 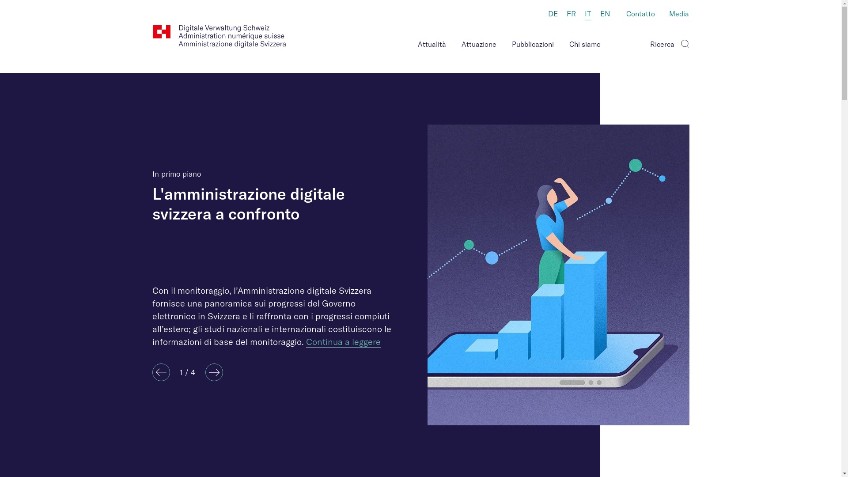 What do you see at coordinates (342, 341) in the screenshot?
I see `'Continua a leggere'` at bounding box center [342, 341].